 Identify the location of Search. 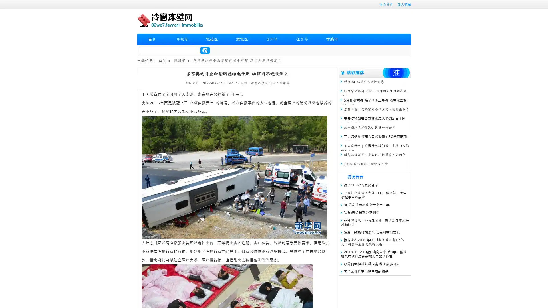
(205, 50).